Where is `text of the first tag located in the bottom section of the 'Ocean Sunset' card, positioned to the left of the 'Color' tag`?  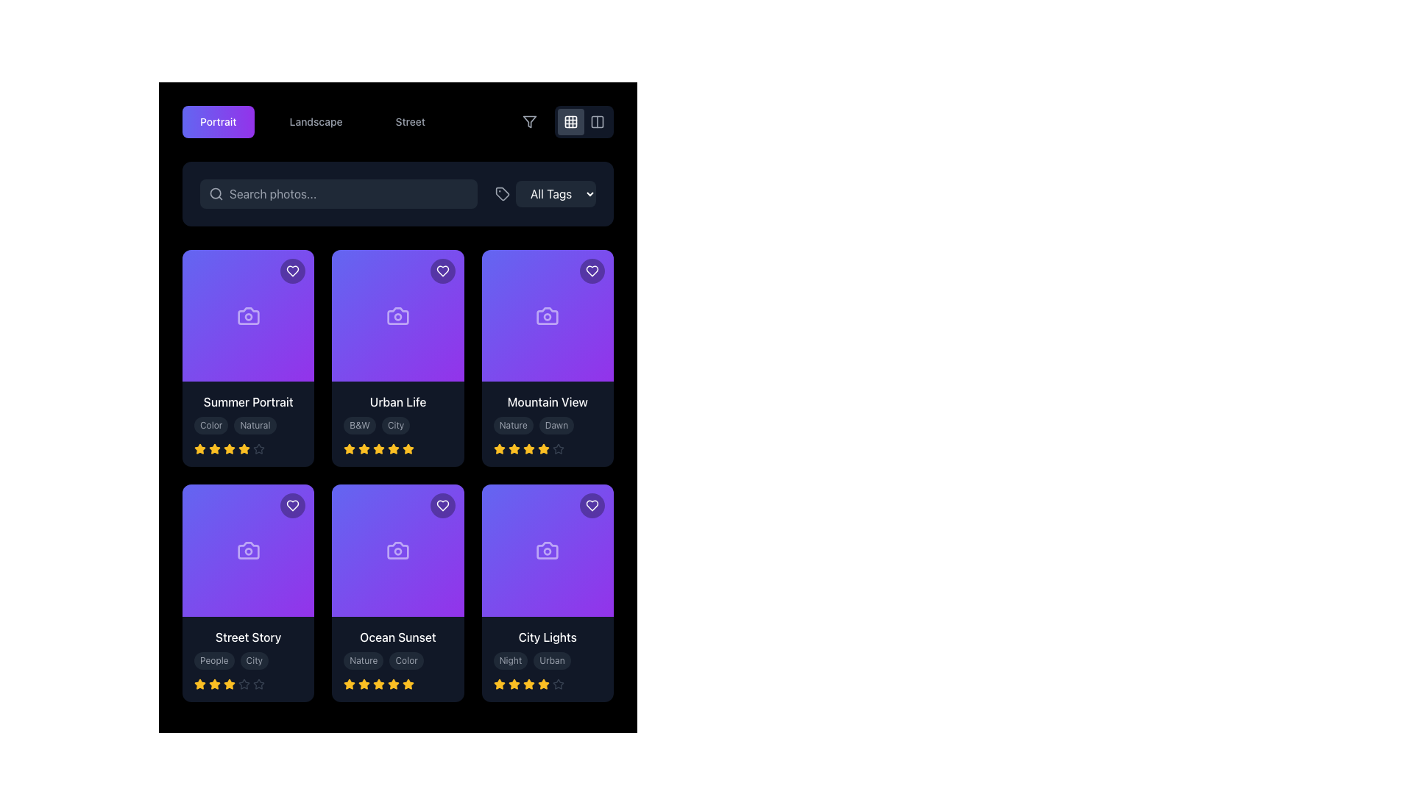 text of the first tag located in the bottom section of the 'Ocean Sunset' card, positioned to the left of the 'Color' tag is located at coordinates (364, 659).